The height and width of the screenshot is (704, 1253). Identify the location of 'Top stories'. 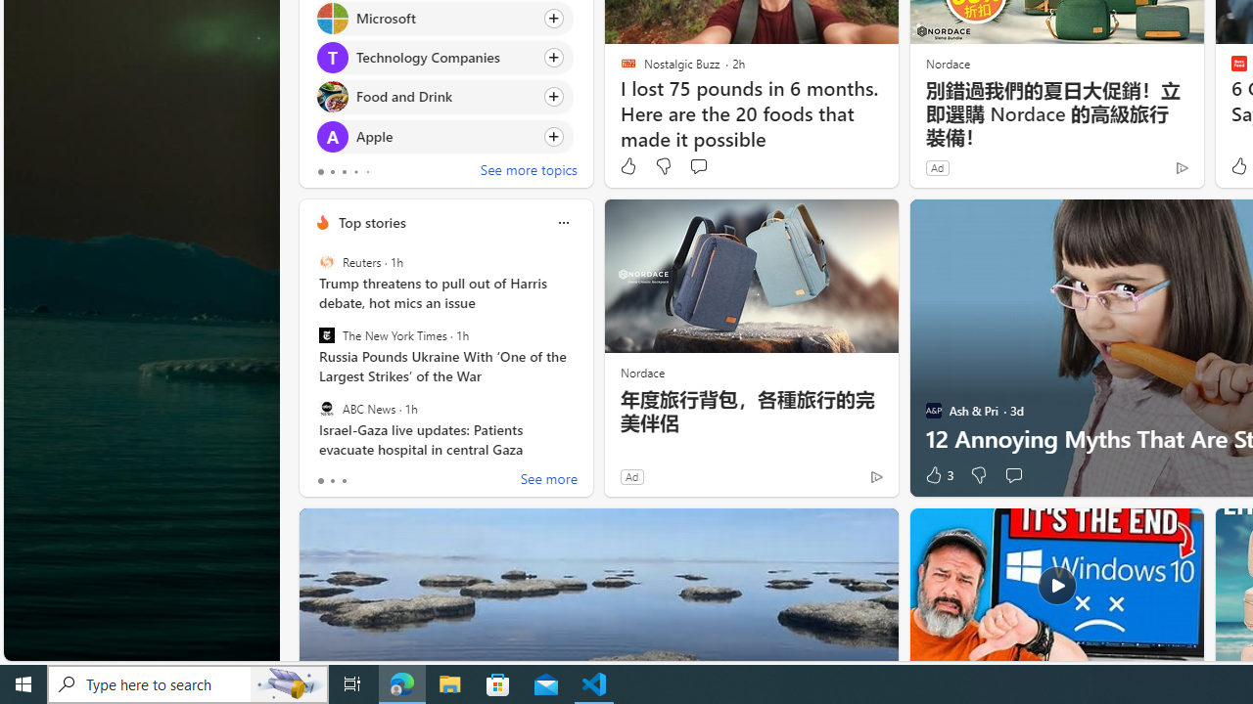
(372, 221).